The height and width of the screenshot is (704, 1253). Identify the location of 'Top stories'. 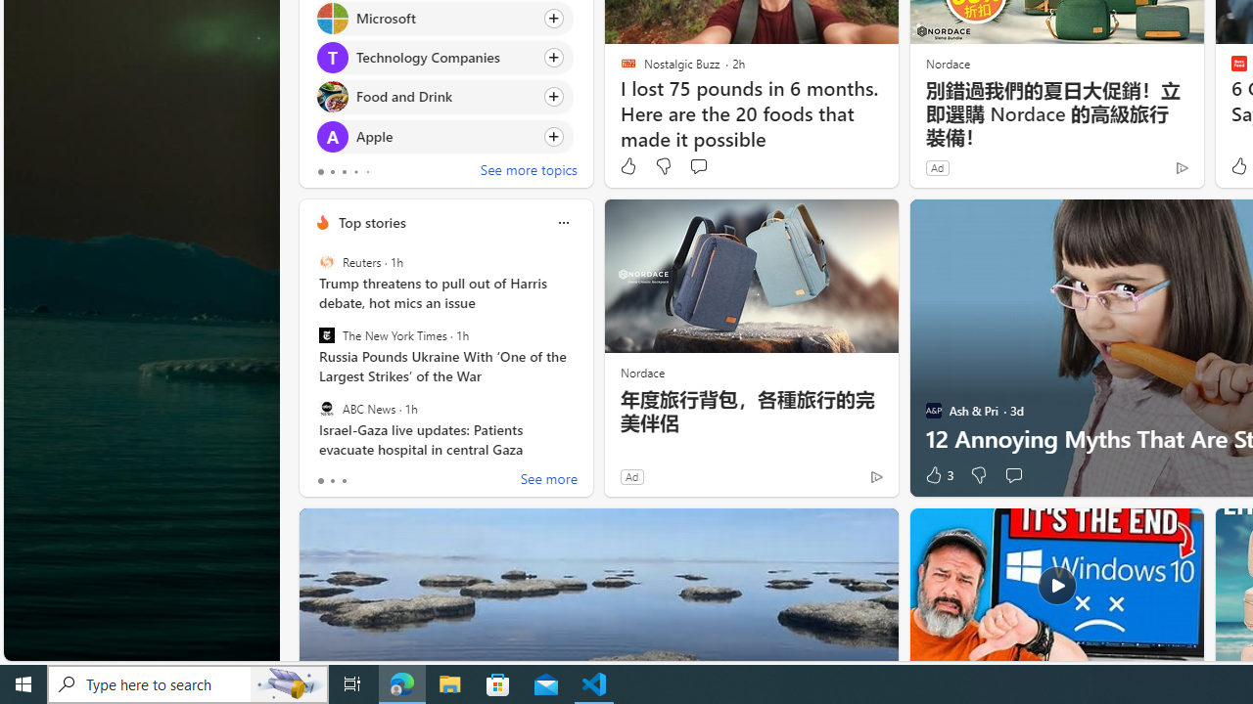
(372, 221).